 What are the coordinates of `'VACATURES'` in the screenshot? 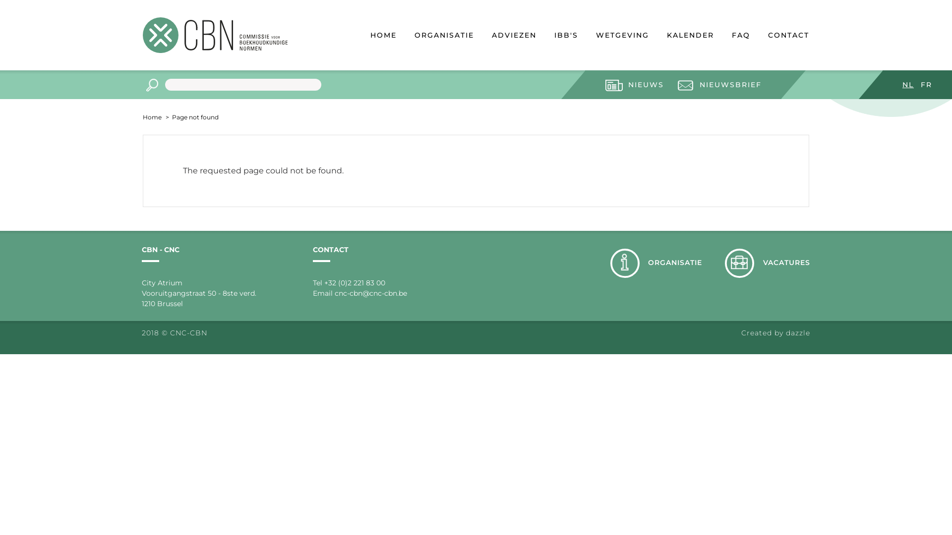 It's located at (767, 263).